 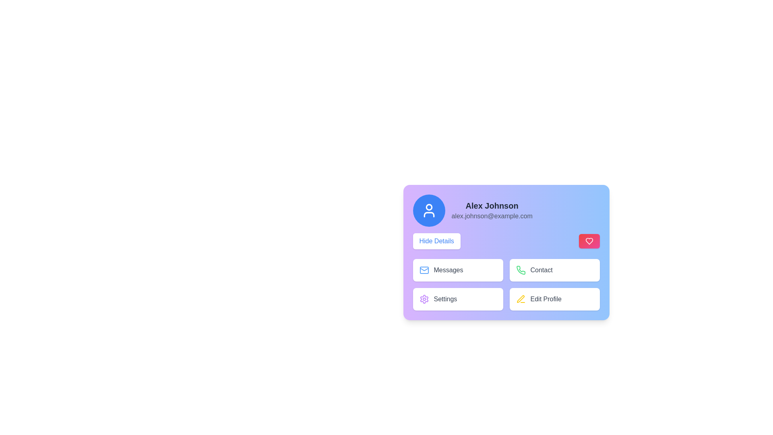 What do you see at coordinates (424, 270) in the screenshot?
I see `the 'Messages' icon located at the top-left corner of the card interface, adjacent to the 'Messages' text` at bounding box center [424, 270].